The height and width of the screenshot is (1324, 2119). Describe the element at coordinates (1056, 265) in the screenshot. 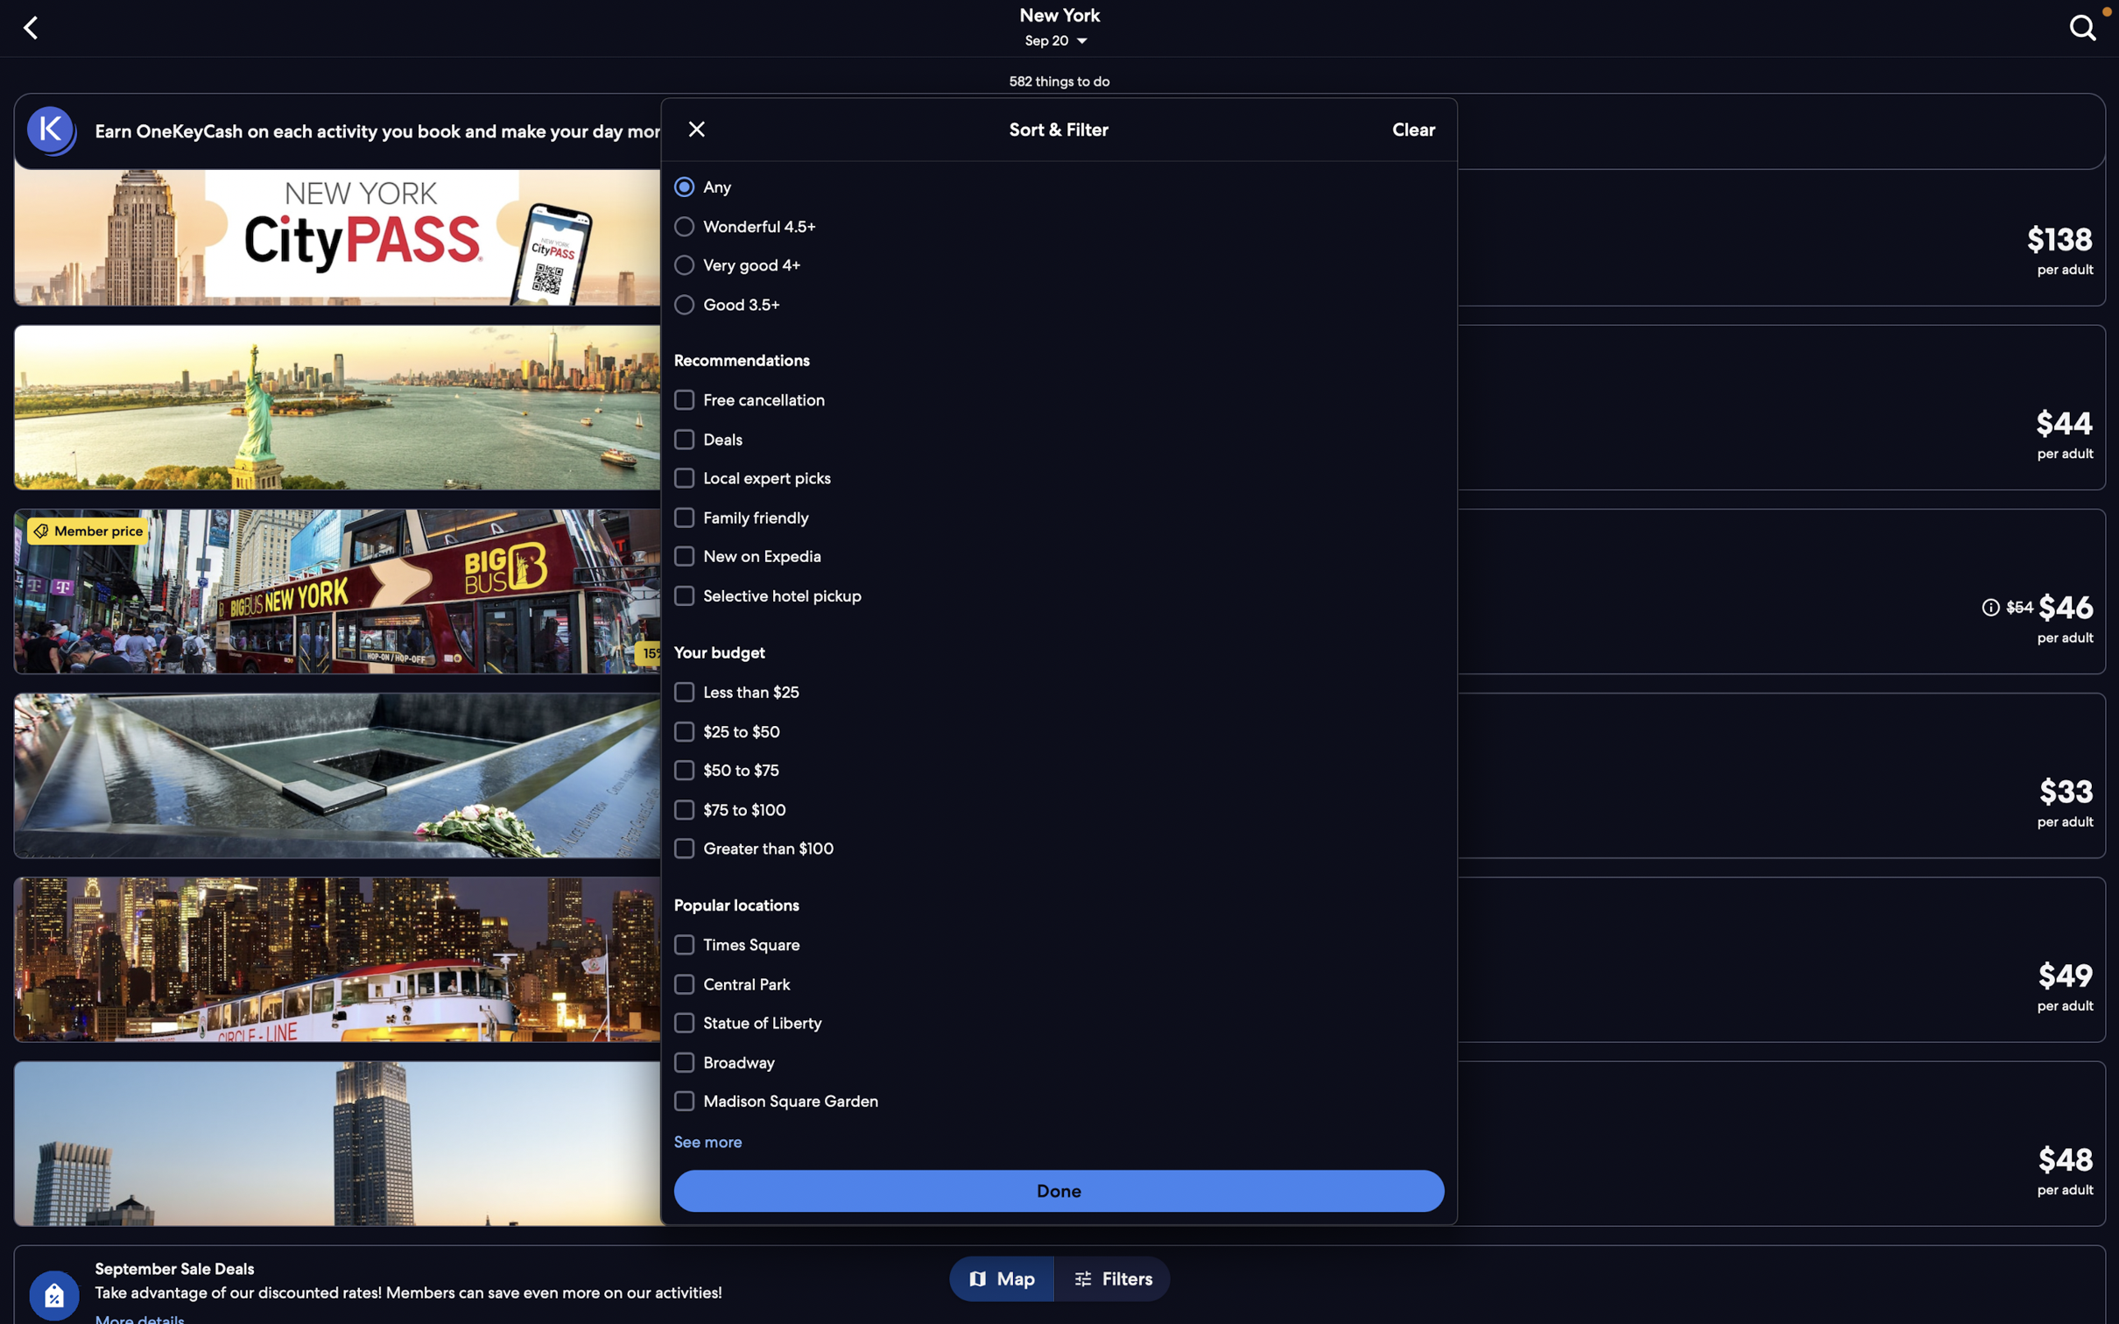

I see `Show only those sites having a rating above 4` at that location.